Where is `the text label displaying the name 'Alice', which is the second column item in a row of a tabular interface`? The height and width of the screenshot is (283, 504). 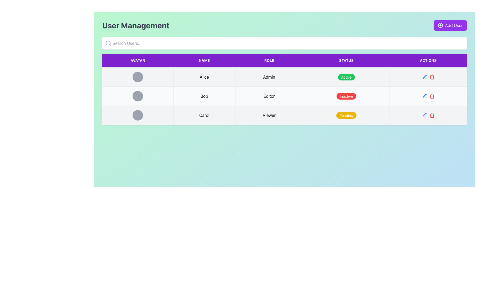
the text label displaying the name 'Alice', which is the second column item in a row of a tabular interface is located at coordinates (204, 77).